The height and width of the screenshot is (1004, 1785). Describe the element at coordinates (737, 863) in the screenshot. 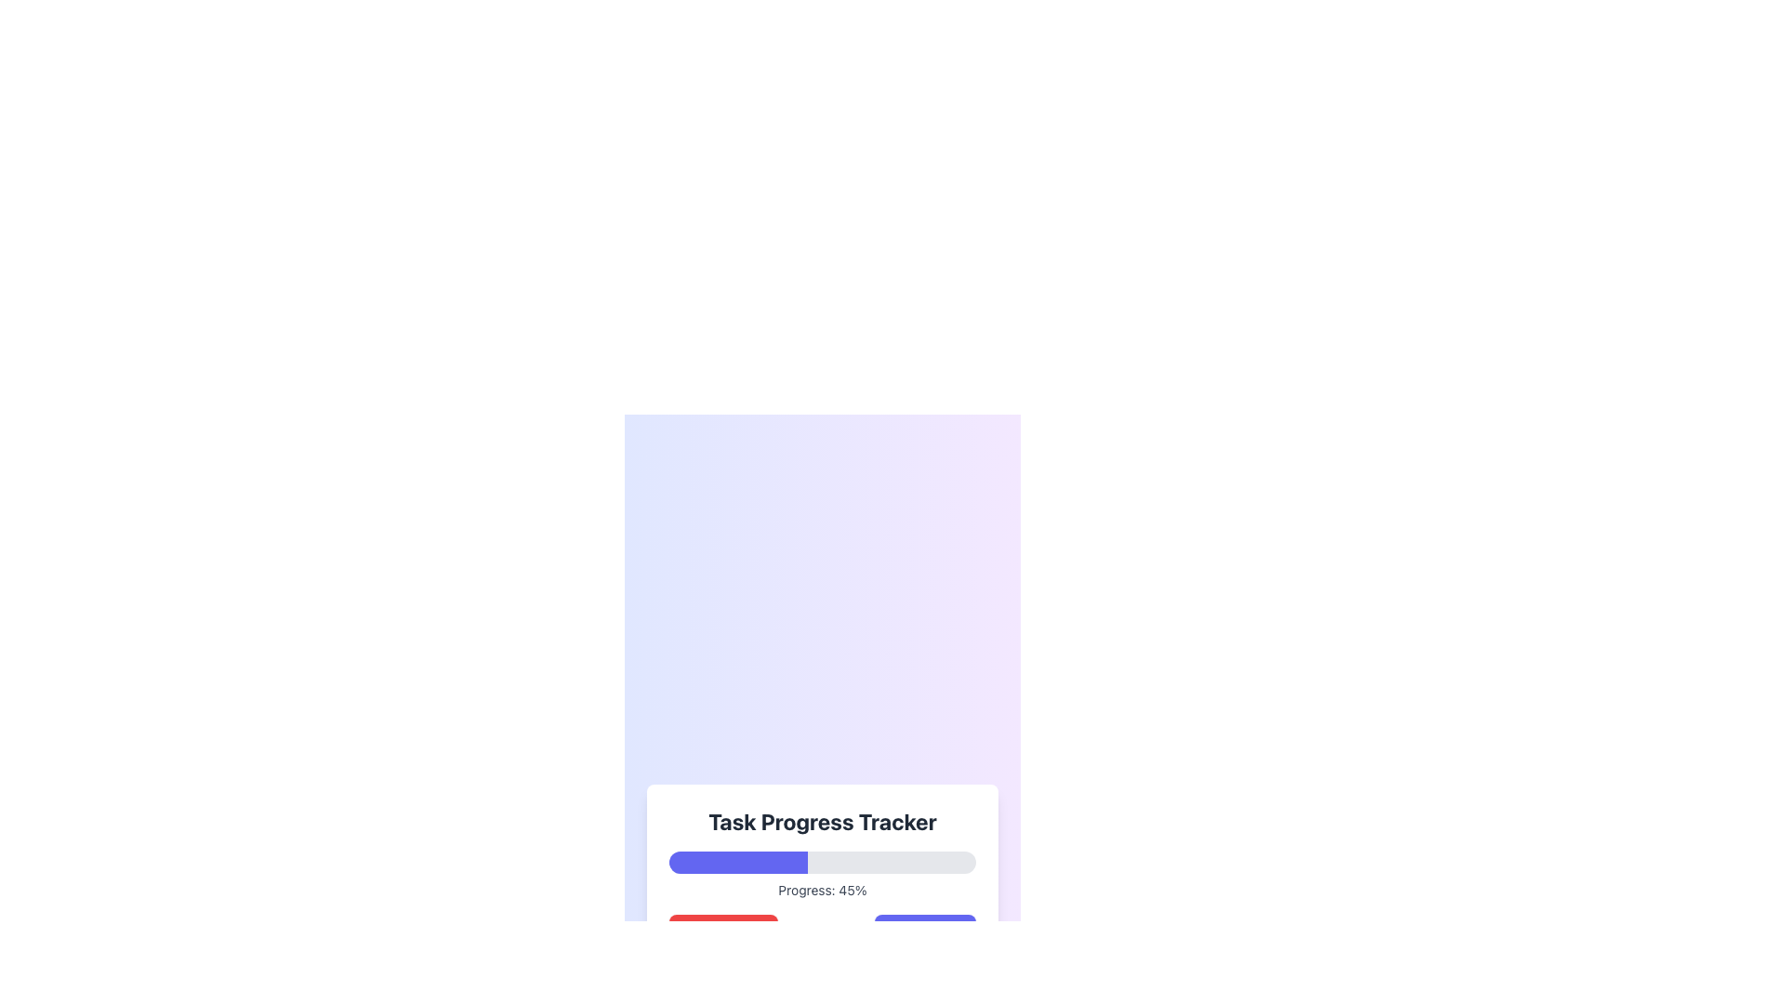

I see `the filled portion of the progress bar in the 'Task Progress Tracker' card, which is represented by a solid indigo rectangle occupying approximately 45% of the width` at that location.